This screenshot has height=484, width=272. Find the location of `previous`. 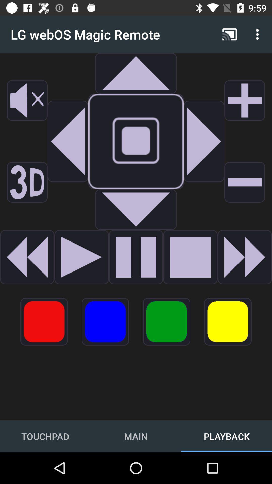

previous is located at coordinates (27, 257).